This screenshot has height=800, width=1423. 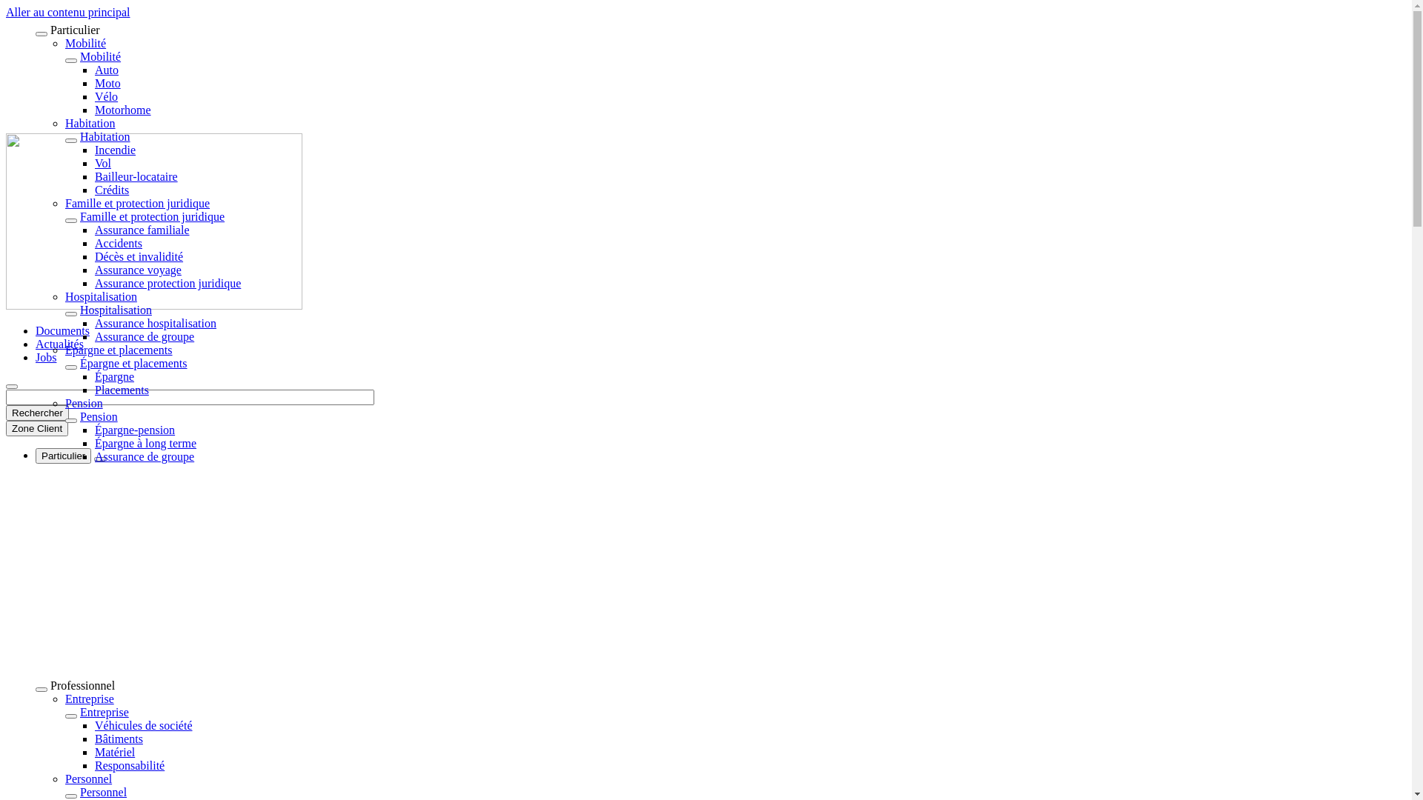 I want to click on 'Assurance hospitalisation', so click(x=156, y=322).